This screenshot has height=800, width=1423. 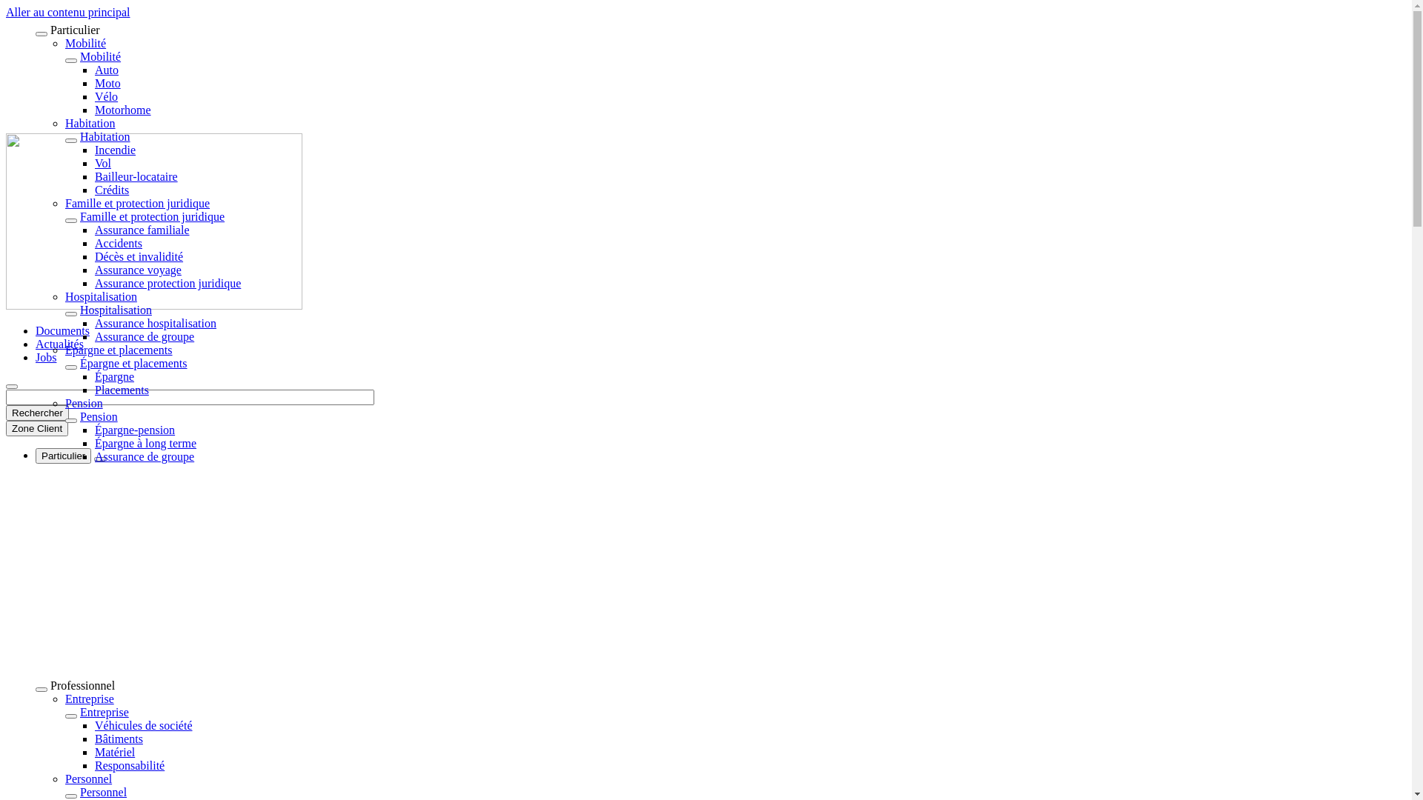 I want to click on 'Assurance hospitalisation', so click(x=156, y=322).